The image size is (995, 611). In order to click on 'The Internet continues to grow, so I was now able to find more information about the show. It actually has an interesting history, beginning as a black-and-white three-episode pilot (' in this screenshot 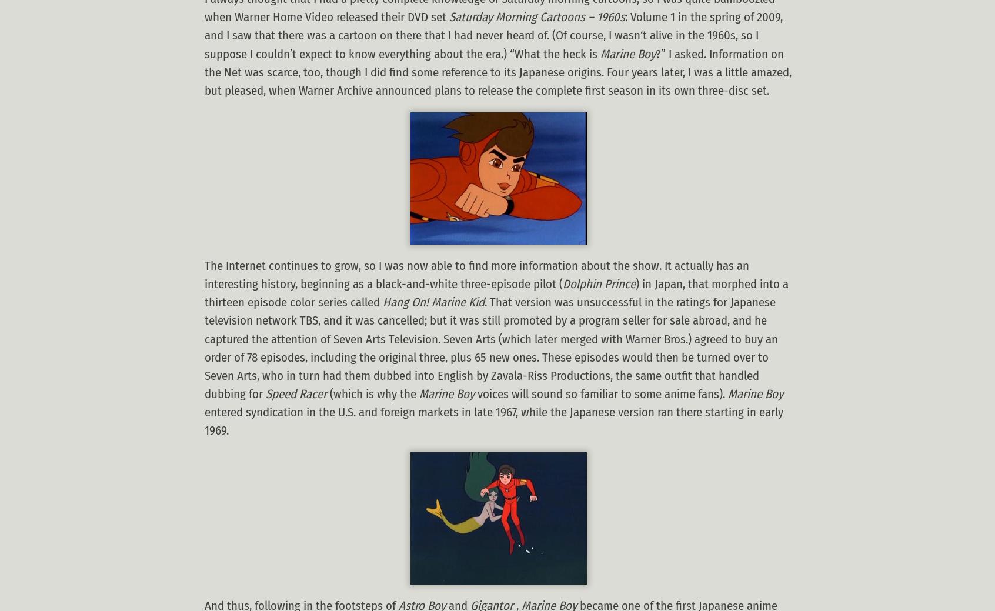, I will do `click(476, 274)`.